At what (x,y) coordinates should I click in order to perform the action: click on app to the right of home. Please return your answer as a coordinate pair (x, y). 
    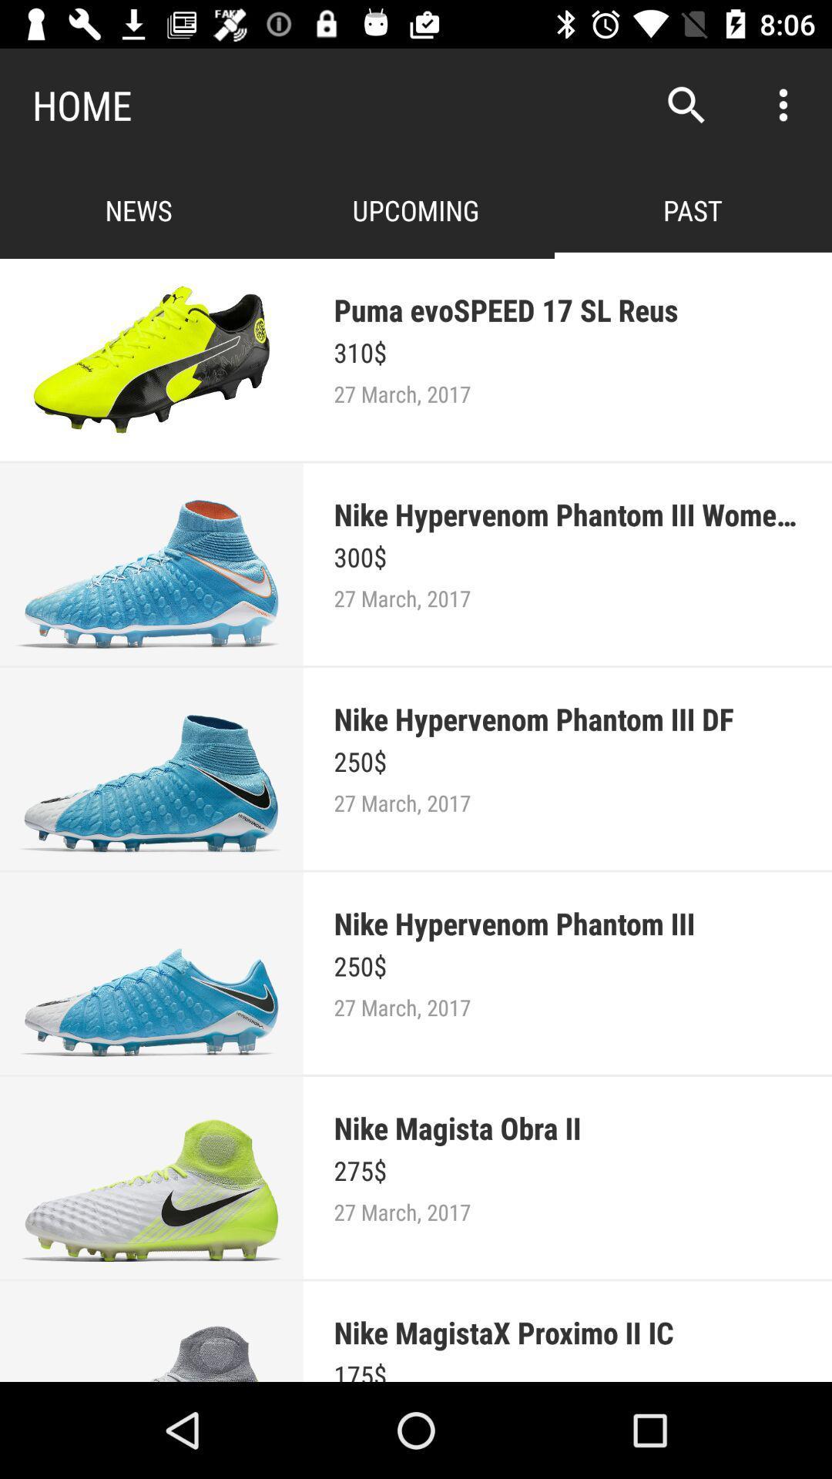
    Looking at the image, I should click on (686, 104).